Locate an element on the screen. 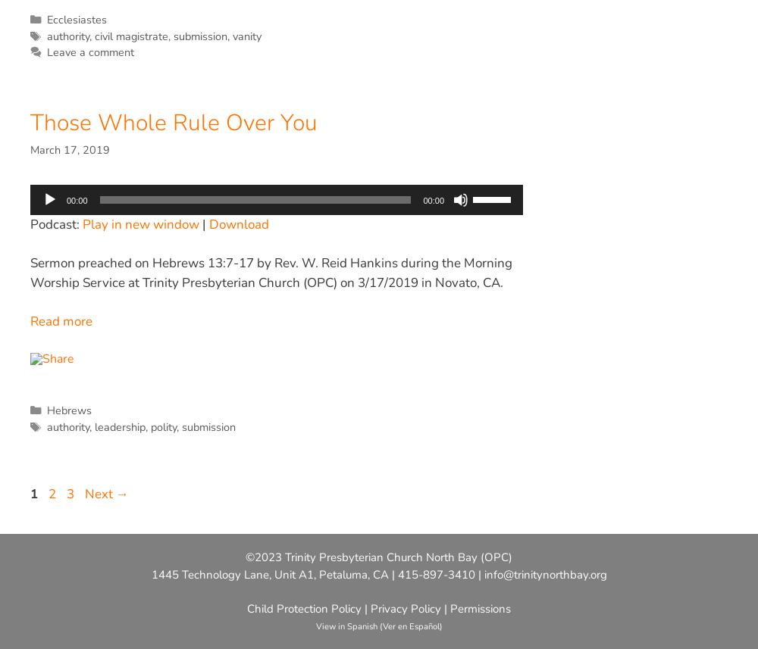 The image size is (758, 649). 'View in Spanish (Ver en Español)' is located at coordinates (377, 626).